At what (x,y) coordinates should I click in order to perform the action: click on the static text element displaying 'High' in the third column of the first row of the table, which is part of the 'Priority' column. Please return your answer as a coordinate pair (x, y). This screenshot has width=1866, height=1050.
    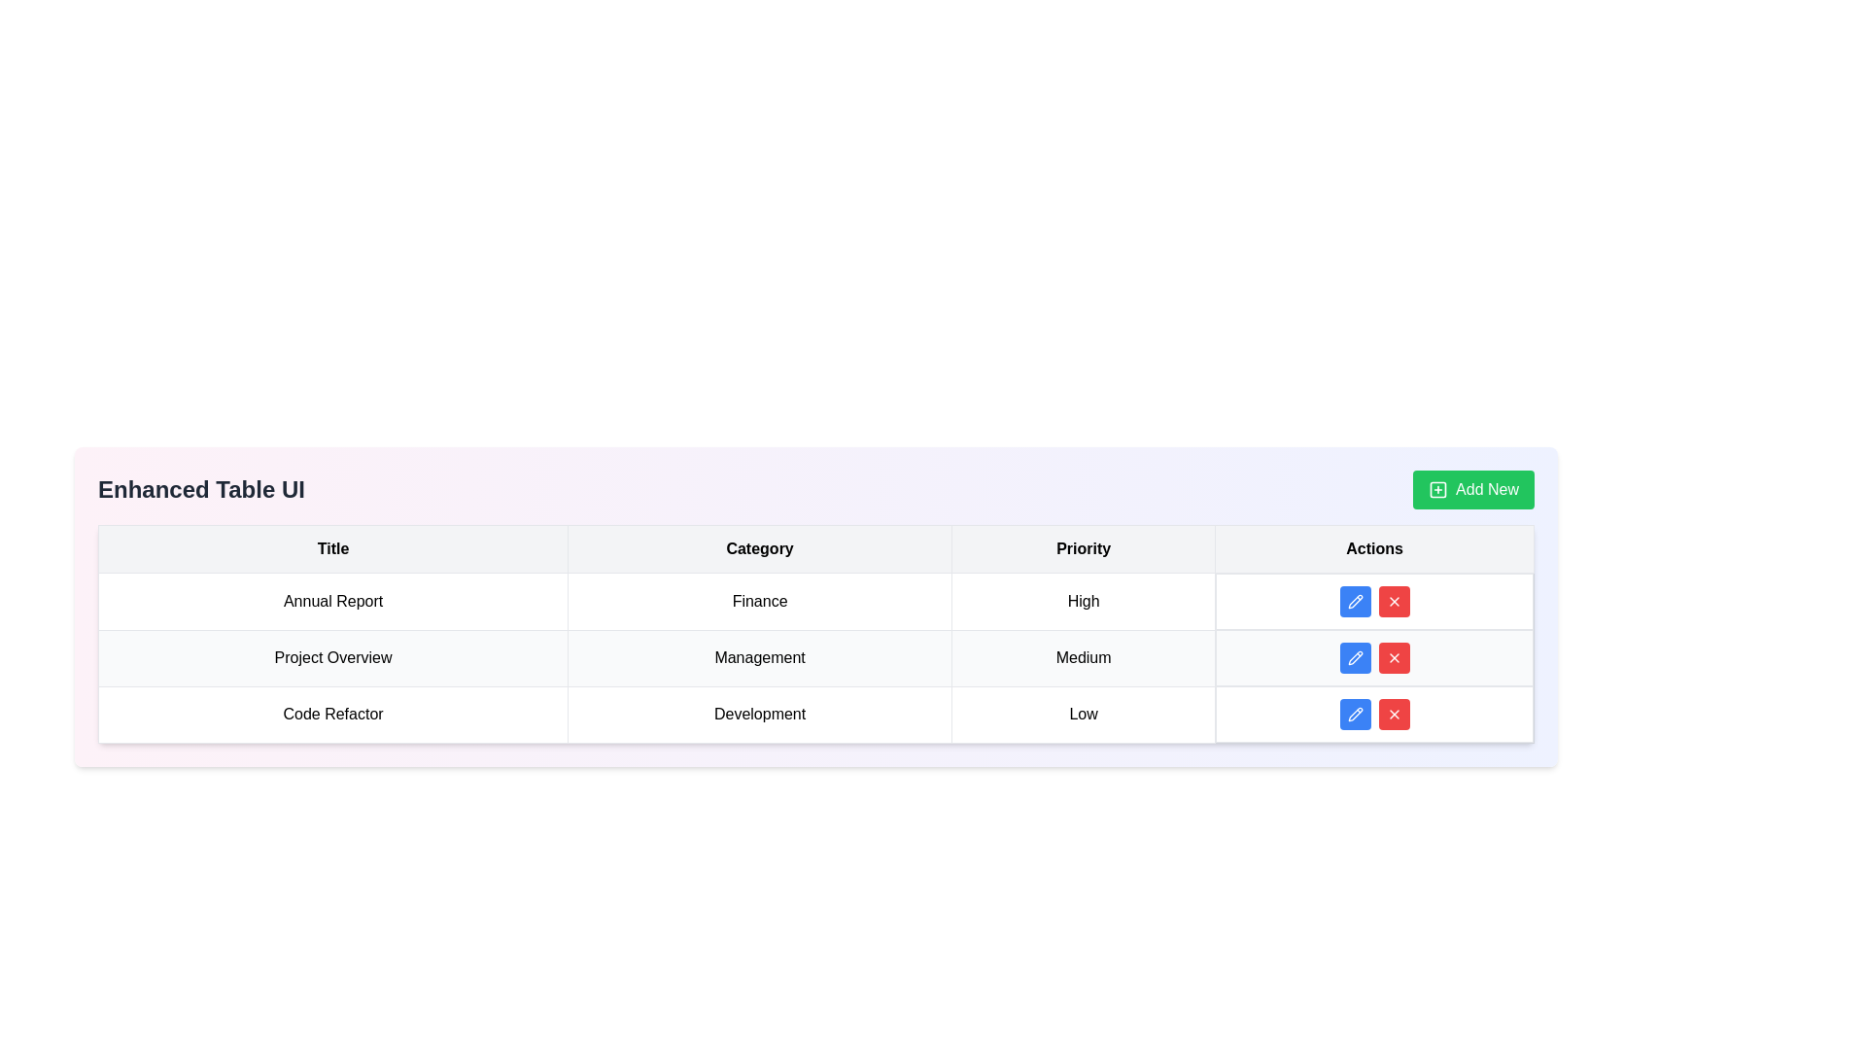
    Looking at the image, I should click on (1083, 600).